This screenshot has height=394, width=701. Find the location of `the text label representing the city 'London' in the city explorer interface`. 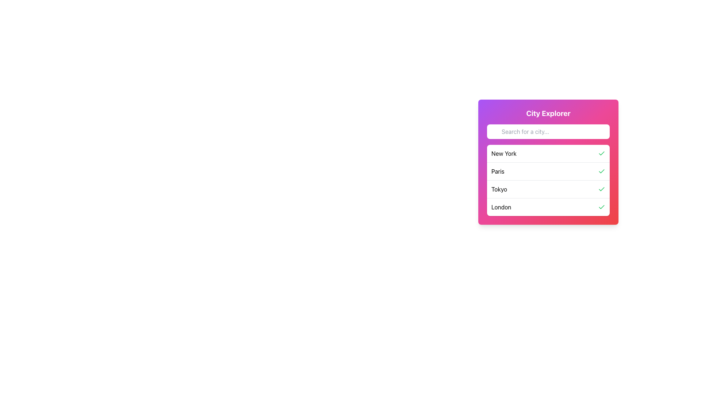

the text label representing the city 'London' in the city explorer interface is located at coordinates (501, 207).